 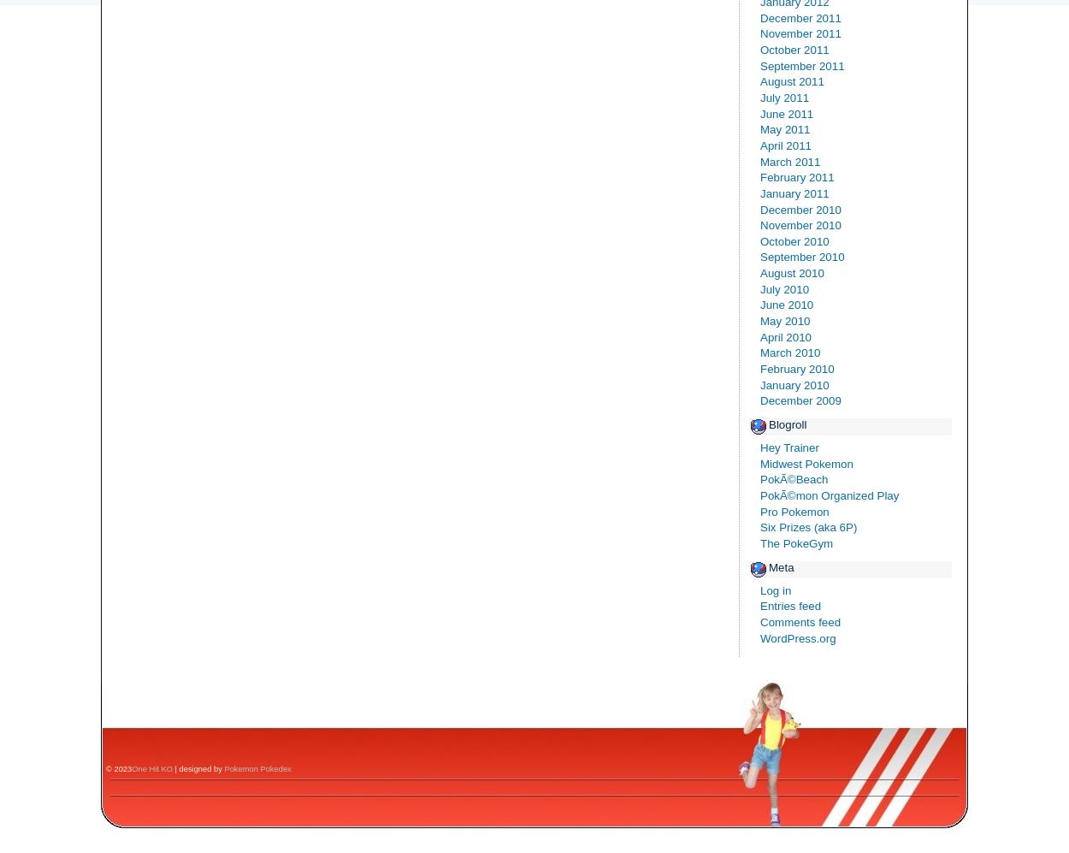 I want to click on 'January 2010', so click(x=794, y=383).